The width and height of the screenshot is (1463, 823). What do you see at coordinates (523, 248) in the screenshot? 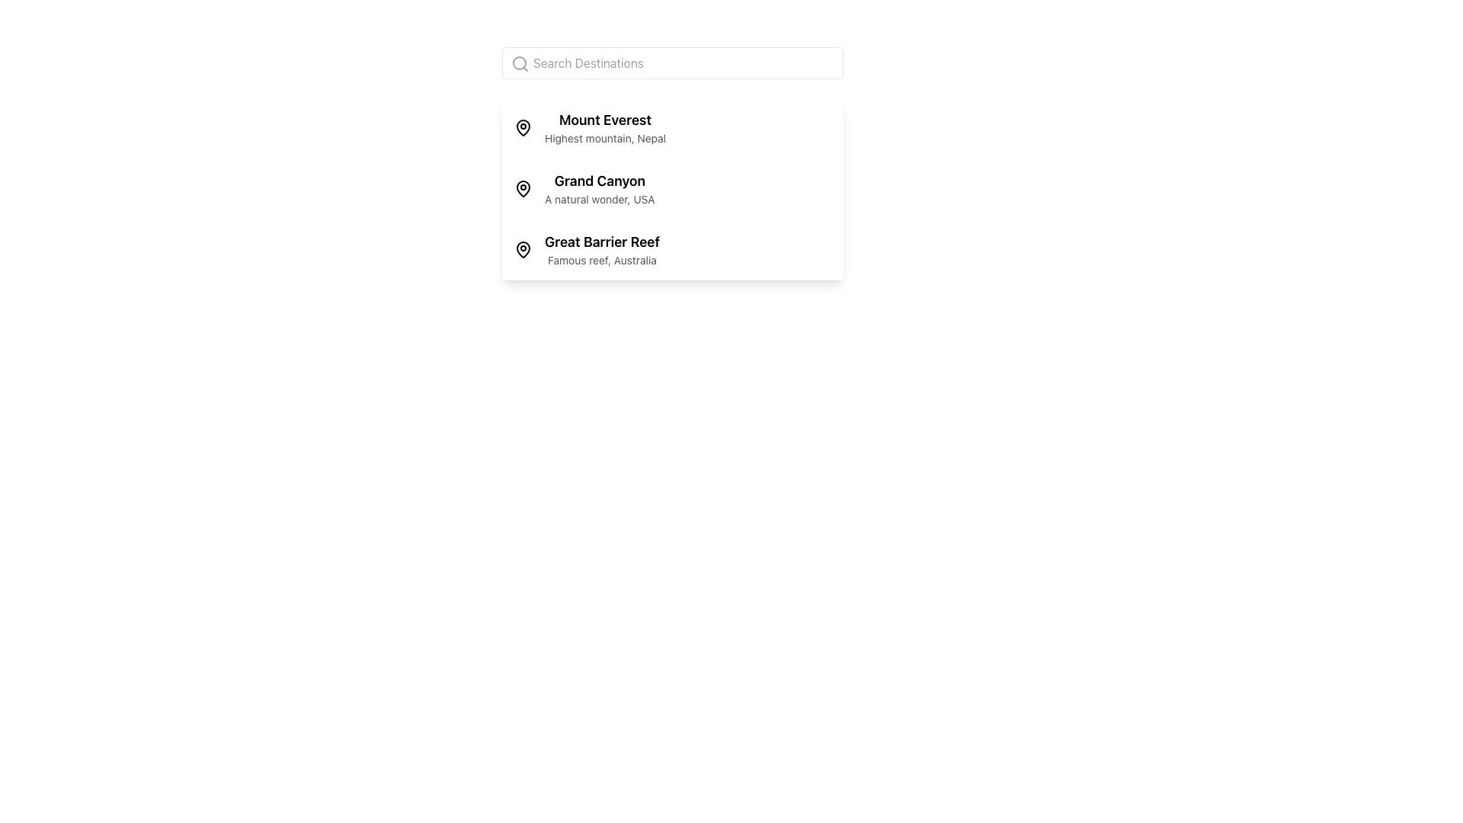
I see `visual representation of the map pin icon, which is styled with a rounded outline and a small central circle, located to the far left of the 'Great Barrier Reef' item` at bounding box center [523, 248].